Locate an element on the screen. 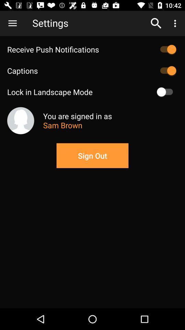 This screenshot has width=185, height=330. switch lock in mode is located at coordinates (166, 91).